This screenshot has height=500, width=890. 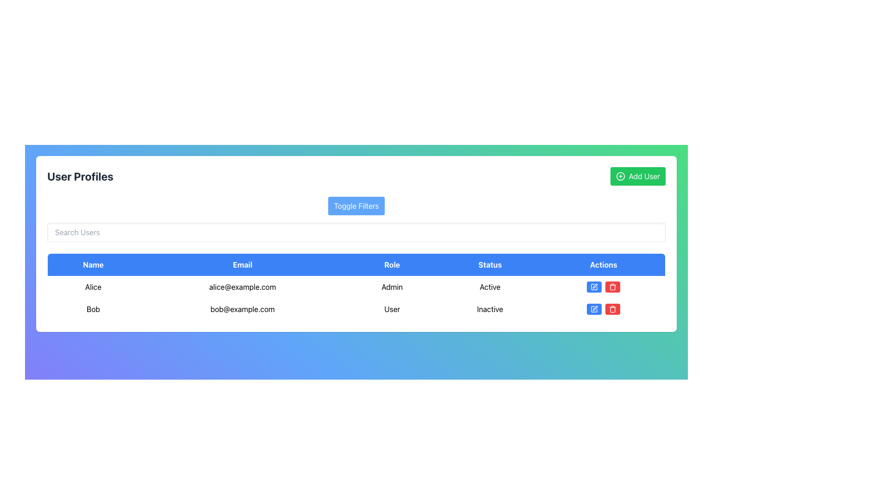 I want to click on the small red button with a trash can icon, which is the second button under the 'Actions' column of the second row in the user profile table, so click(x=613, y=309).